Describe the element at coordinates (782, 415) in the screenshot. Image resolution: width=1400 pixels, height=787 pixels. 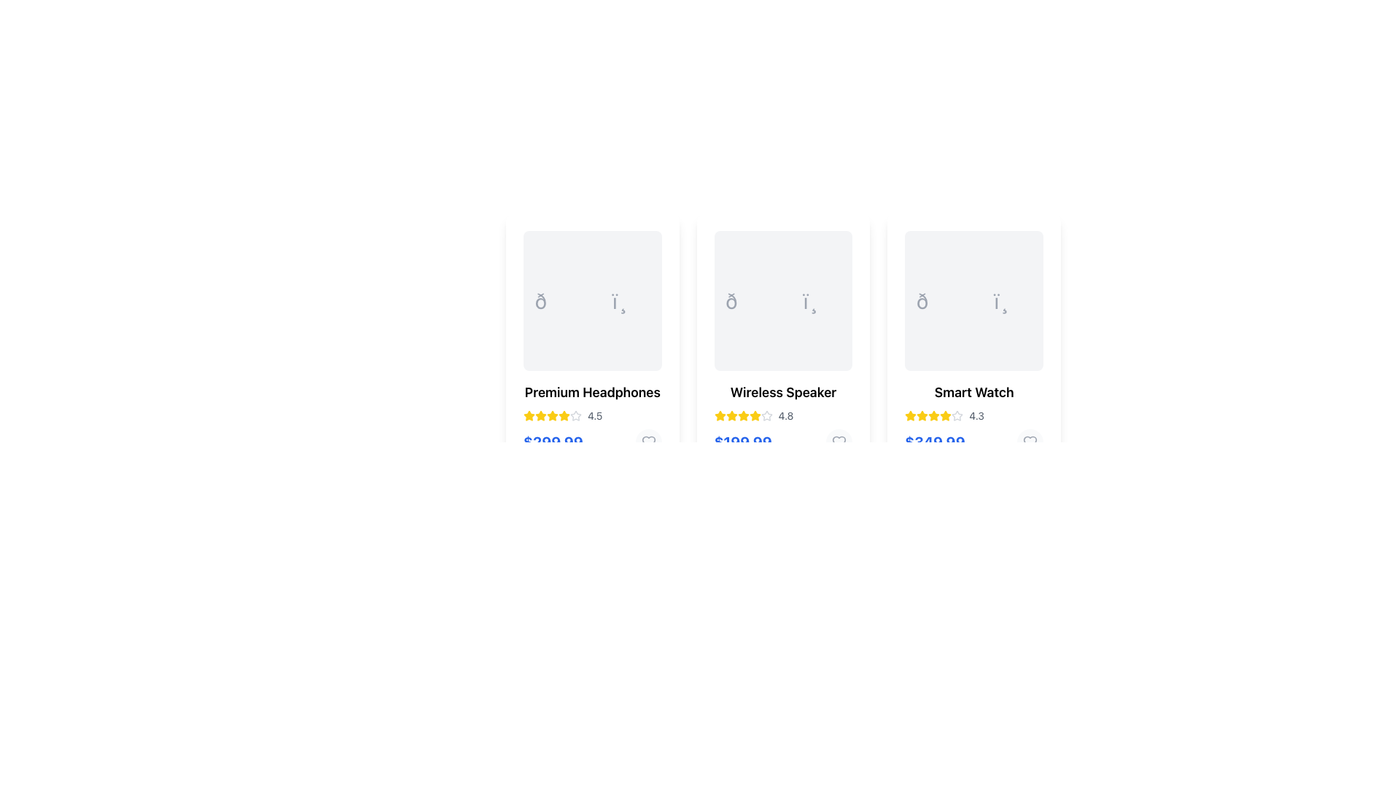
I see `the Rating display for the 'Wireless Speaker' which shows a yellow star rating and a numerical value of '4.8'` at that location.